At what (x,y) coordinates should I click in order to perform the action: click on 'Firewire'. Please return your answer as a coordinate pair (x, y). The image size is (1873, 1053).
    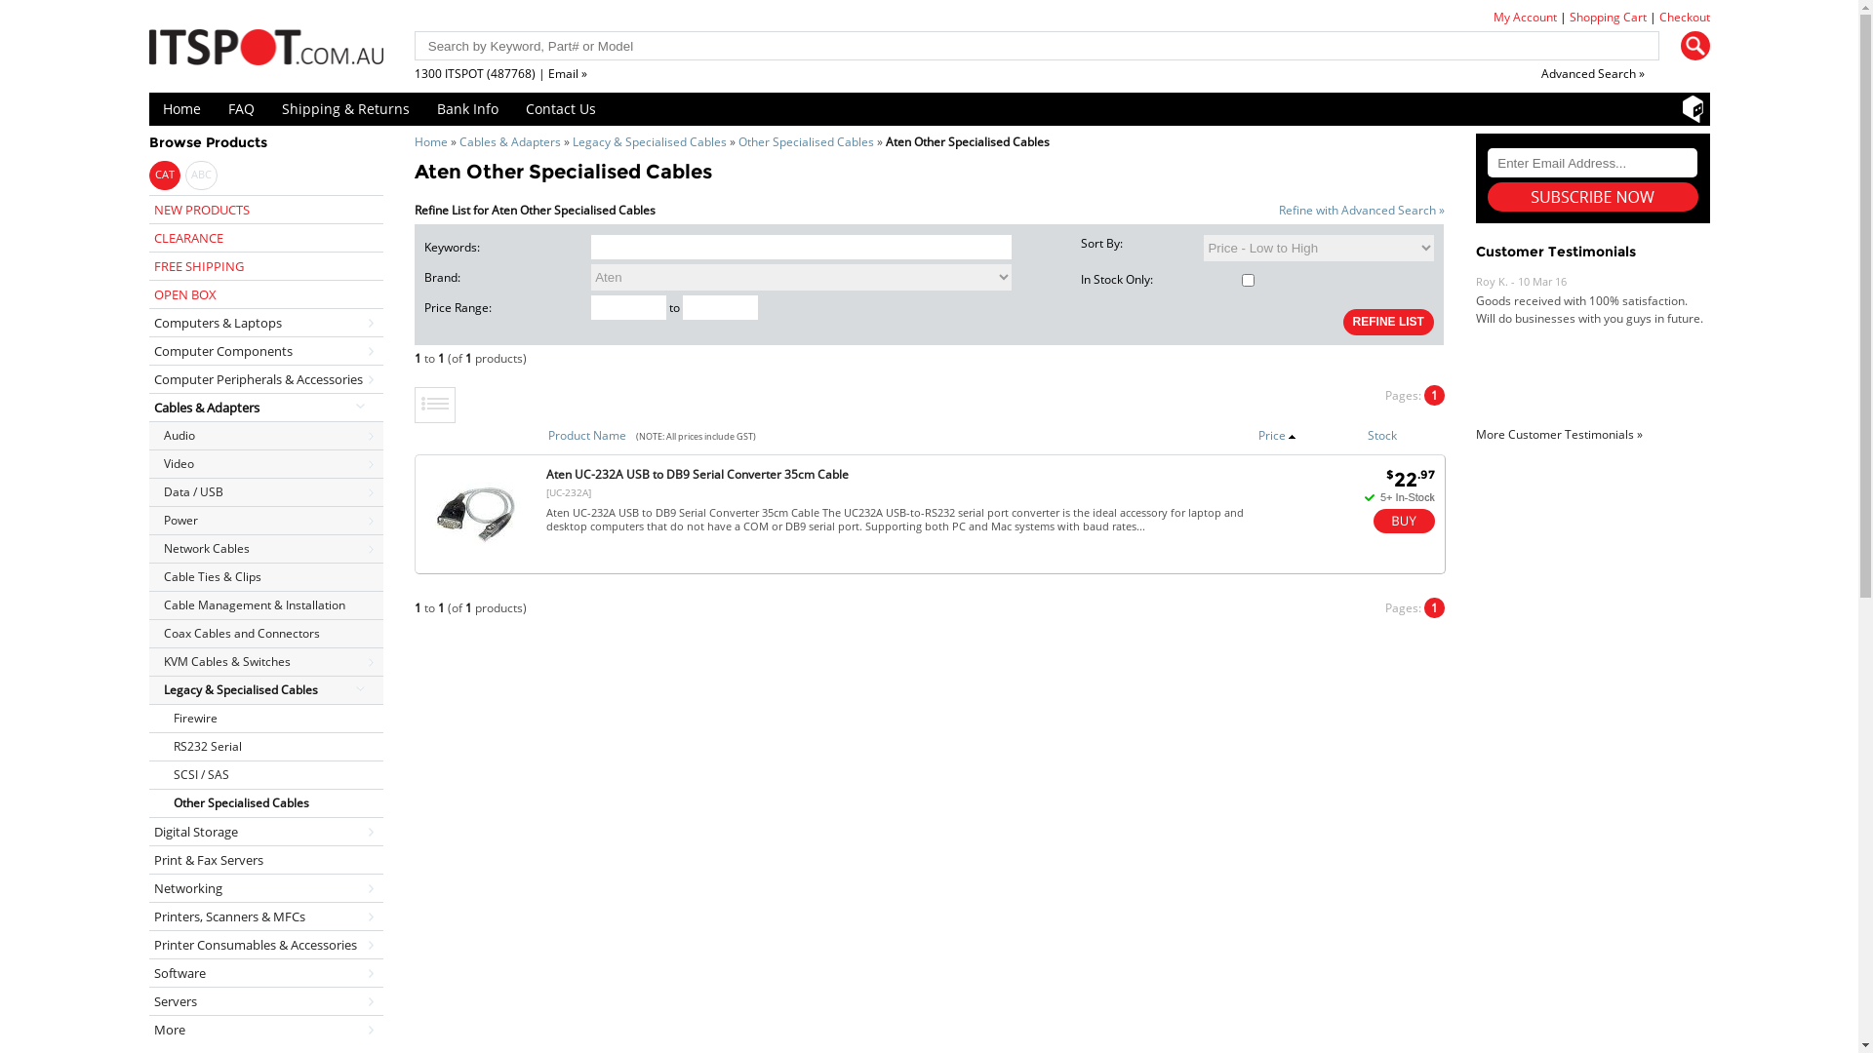
    Looking at the image, I should click on (147, 718).